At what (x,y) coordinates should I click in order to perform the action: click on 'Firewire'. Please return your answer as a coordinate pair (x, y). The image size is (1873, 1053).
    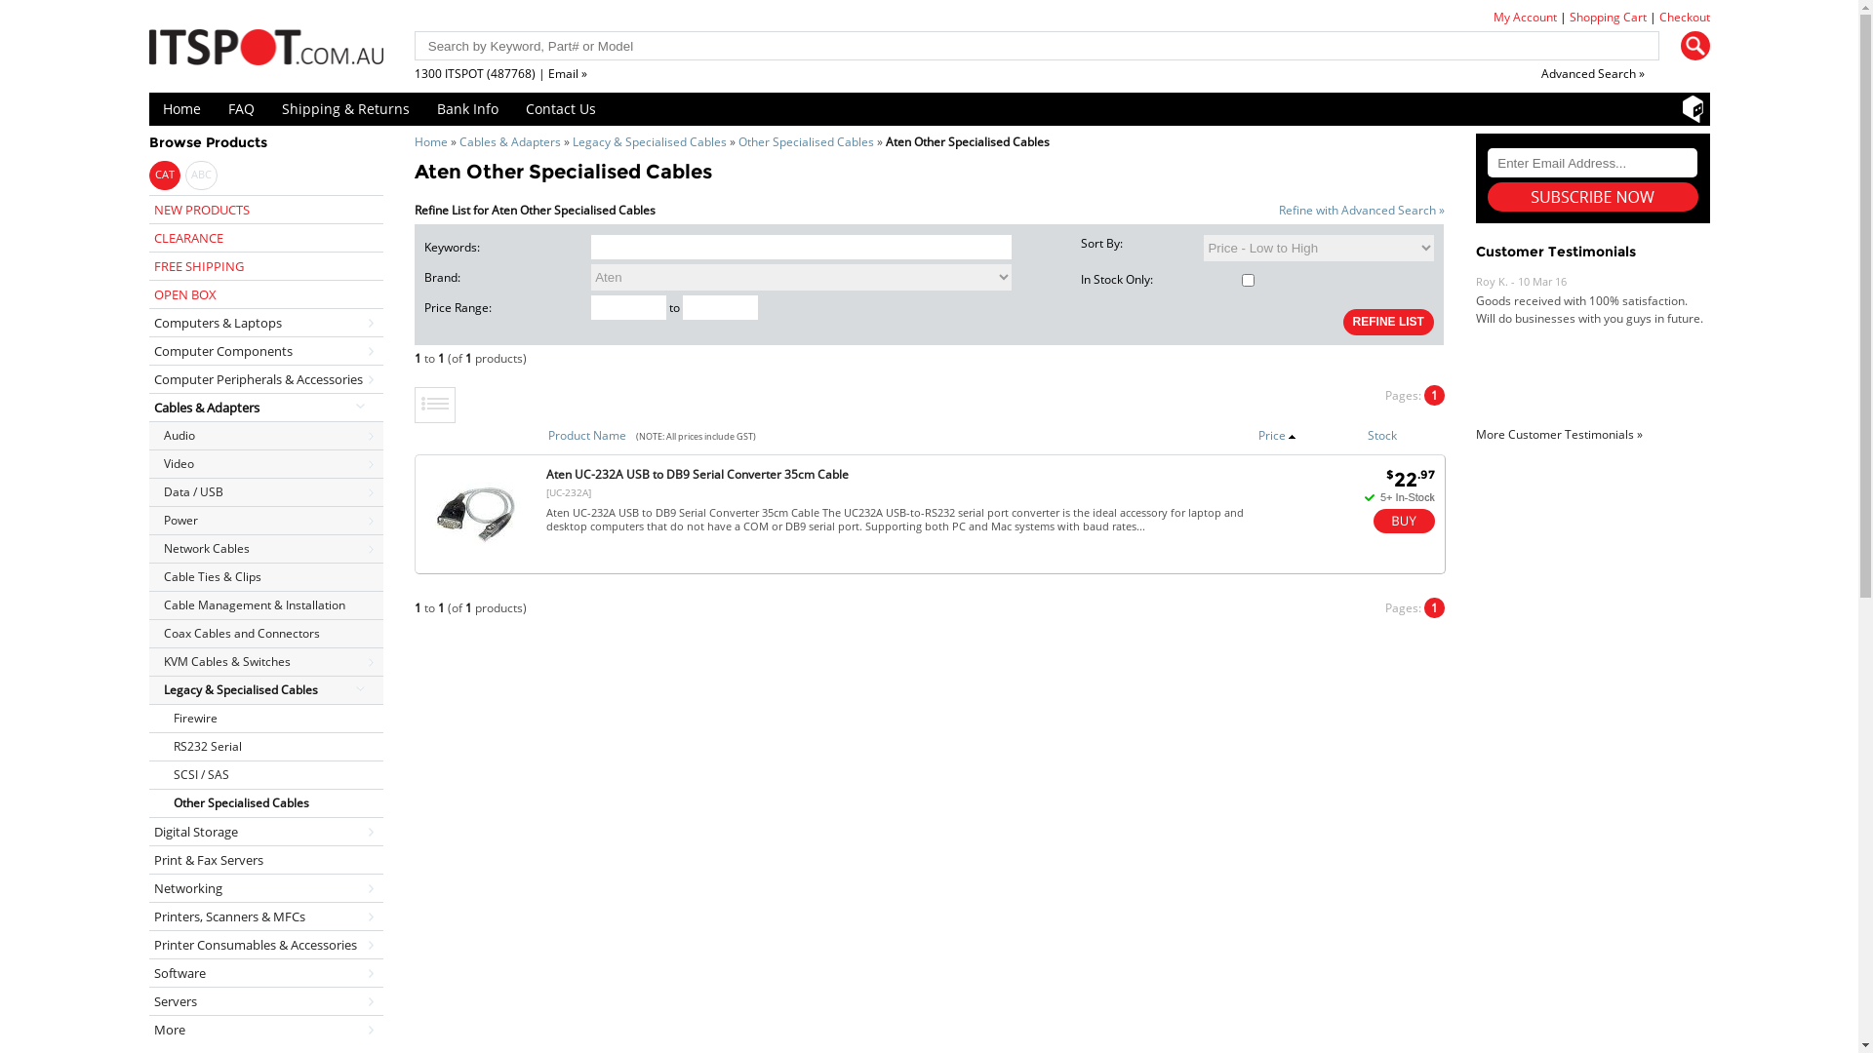
    Looking at the image, I should click on (147, 718).